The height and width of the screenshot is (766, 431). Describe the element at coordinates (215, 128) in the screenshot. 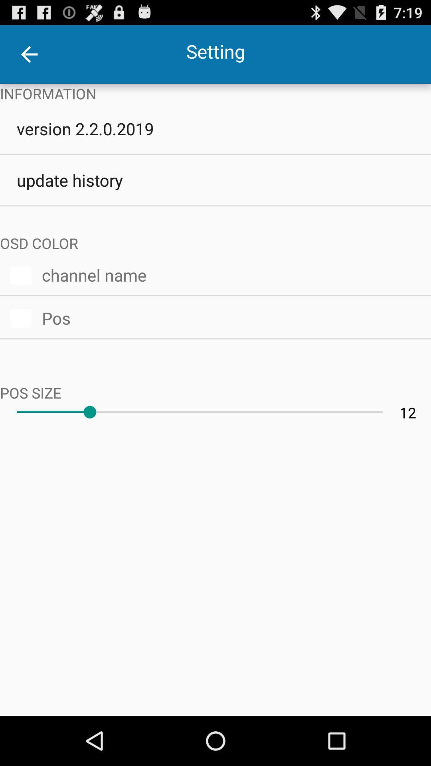

I see `the icon below information item` at that location.